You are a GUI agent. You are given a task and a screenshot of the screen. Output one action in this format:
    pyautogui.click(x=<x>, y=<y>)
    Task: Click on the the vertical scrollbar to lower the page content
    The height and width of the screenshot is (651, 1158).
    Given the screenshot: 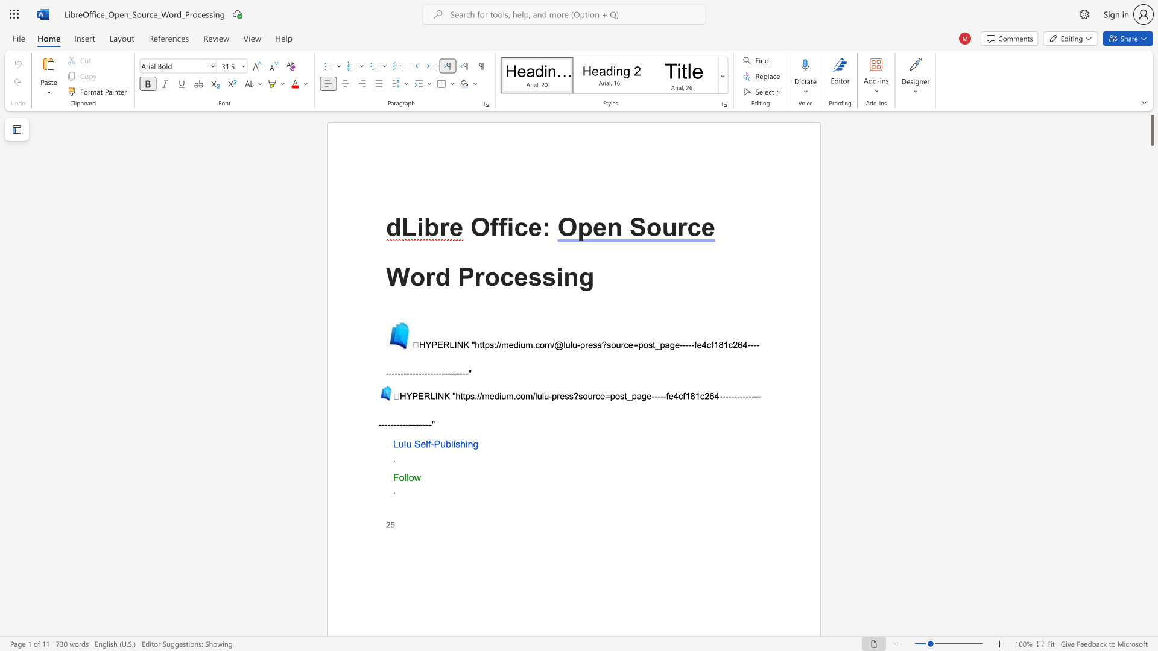 What is the action you would take?
    pyautogui.click(x=1151, y=481)
    